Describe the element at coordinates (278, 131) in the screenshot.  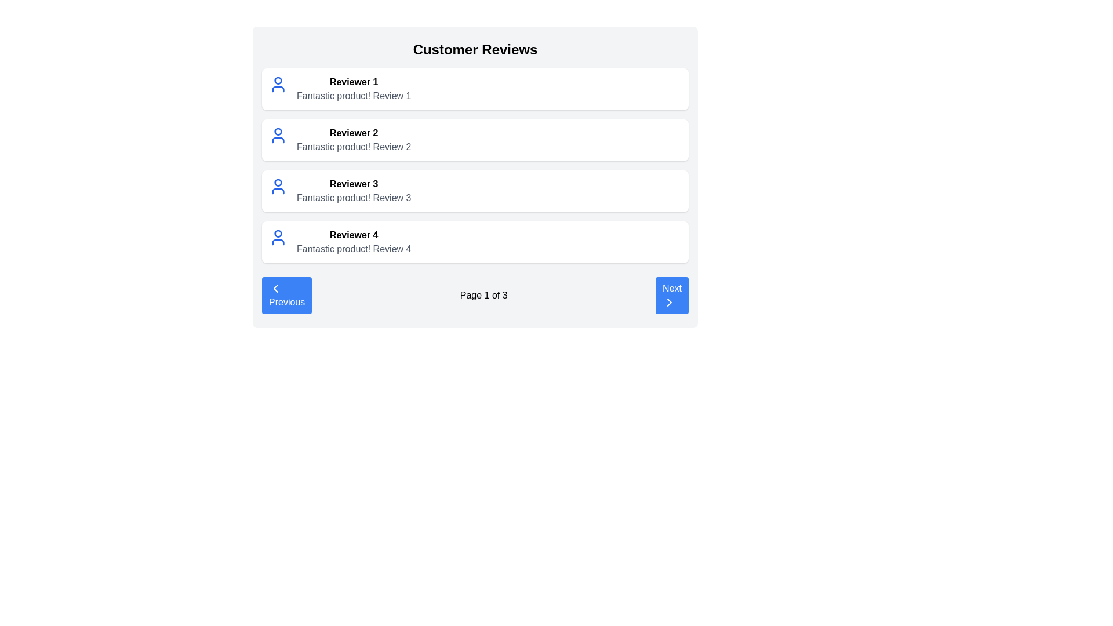
I see `the circular element located at the top center of the user's silhouette icon next to 'Reviewer 2' in the second row of the vertical list` at that location.